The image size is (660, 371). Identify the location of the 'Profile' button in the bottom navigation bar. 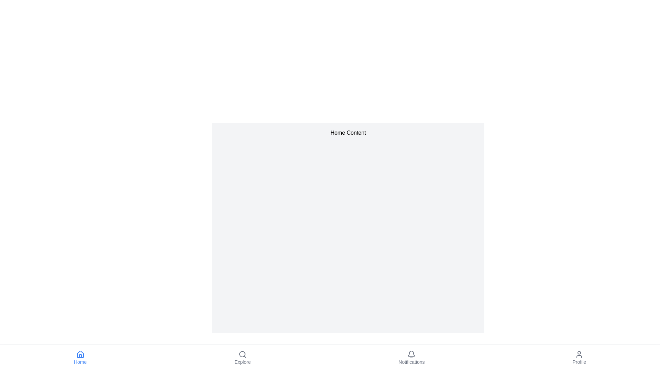
(579, 357).